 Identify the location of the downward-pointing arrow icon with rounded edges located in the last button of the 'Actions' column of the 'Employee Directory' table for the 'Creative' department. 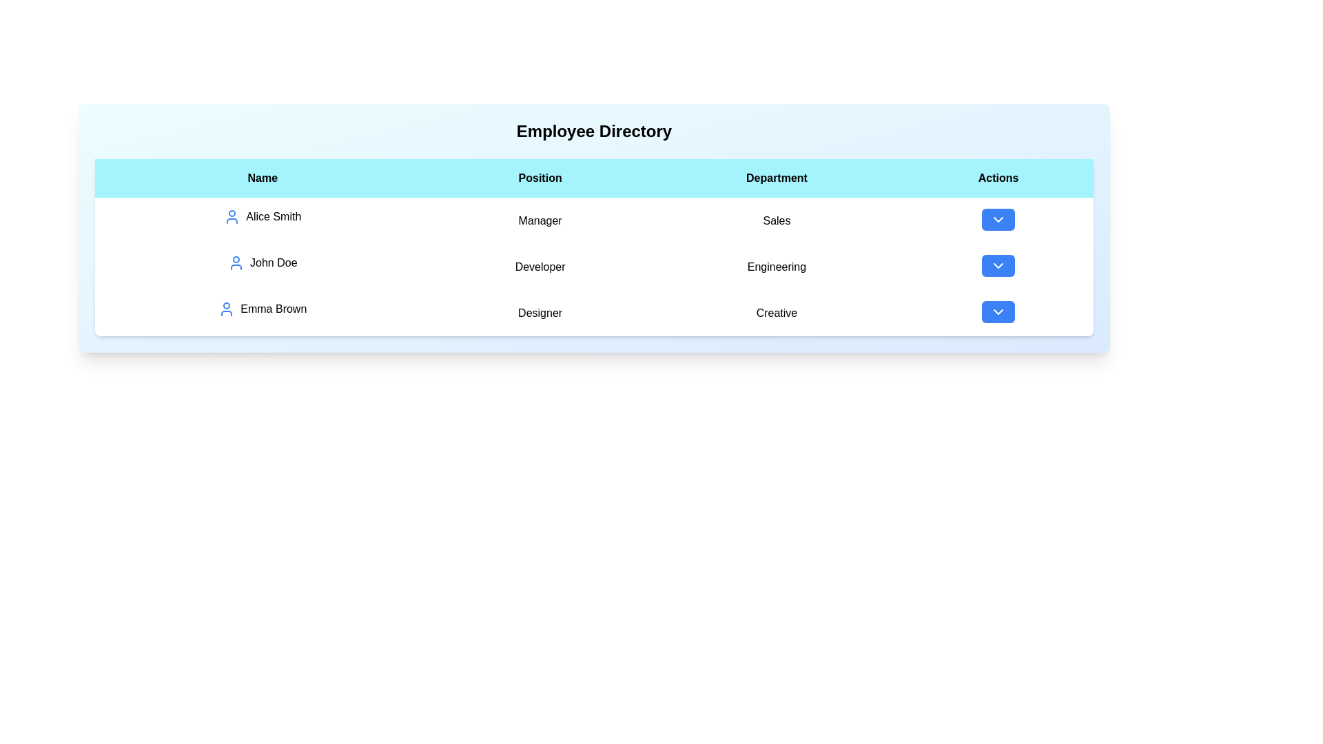
(998, 311).